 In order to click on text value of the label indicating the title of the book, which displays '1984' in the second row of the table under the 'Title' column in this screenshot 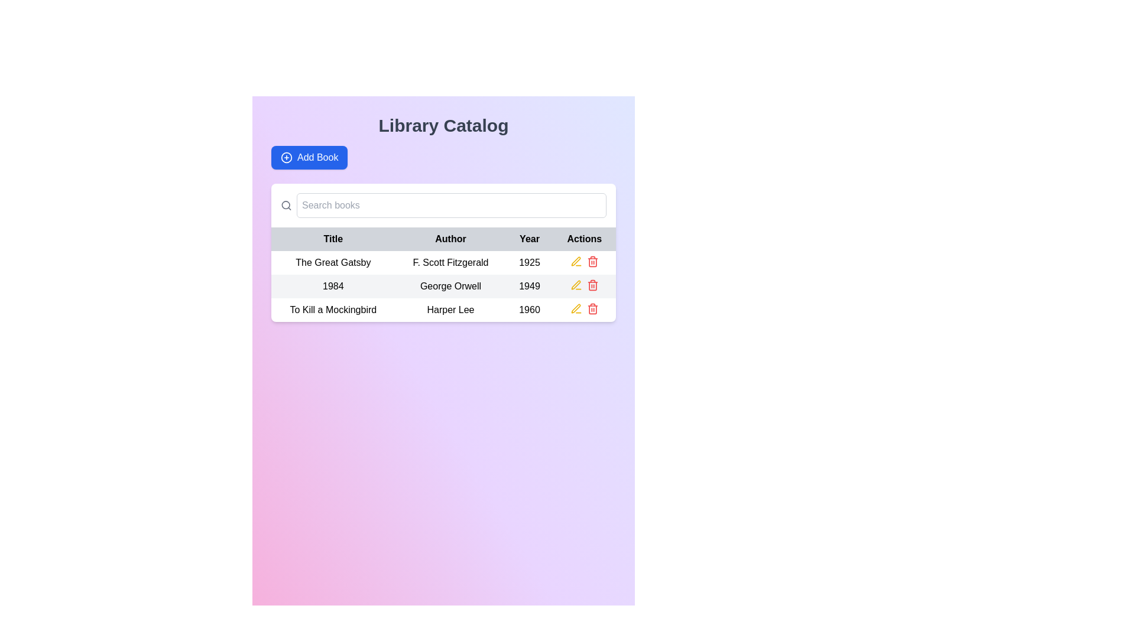, I will do `click(332, 287)`.